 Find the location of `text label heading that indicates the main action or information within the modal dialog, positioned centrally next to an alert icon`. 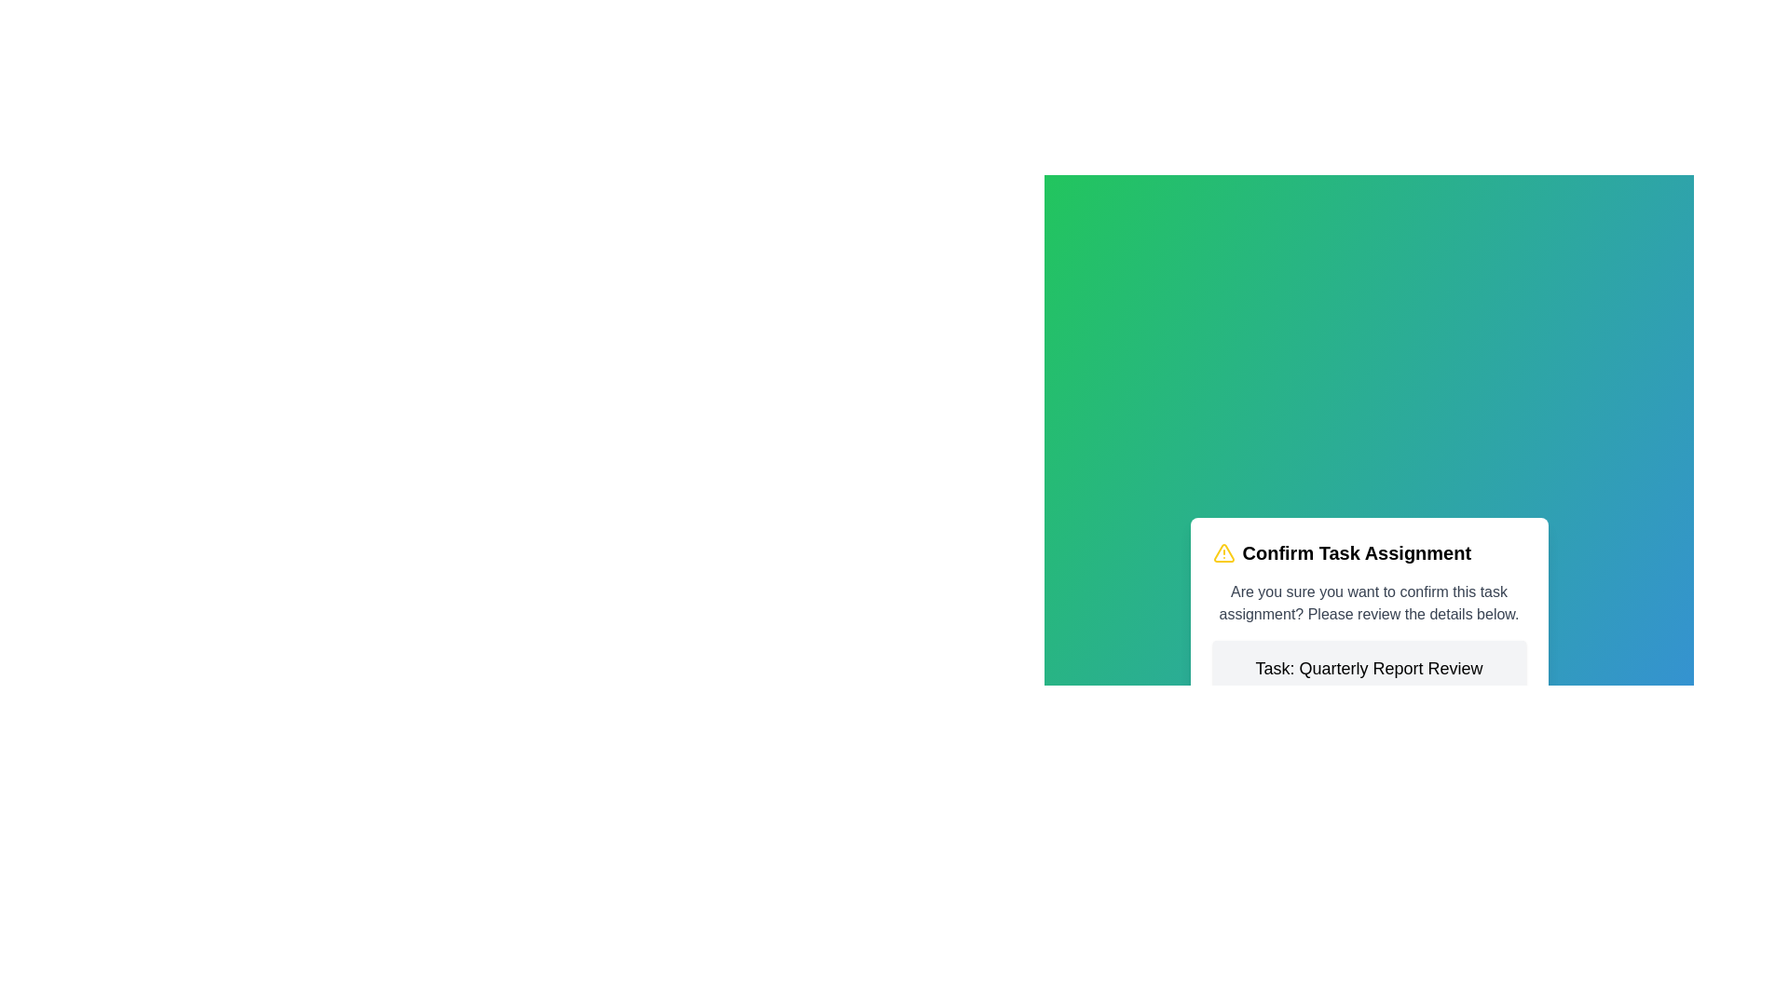

text label heading that indicates the main action or information within the modal dialog, positioned centrally next to an alert icon is located at coordinates (1357, 552).